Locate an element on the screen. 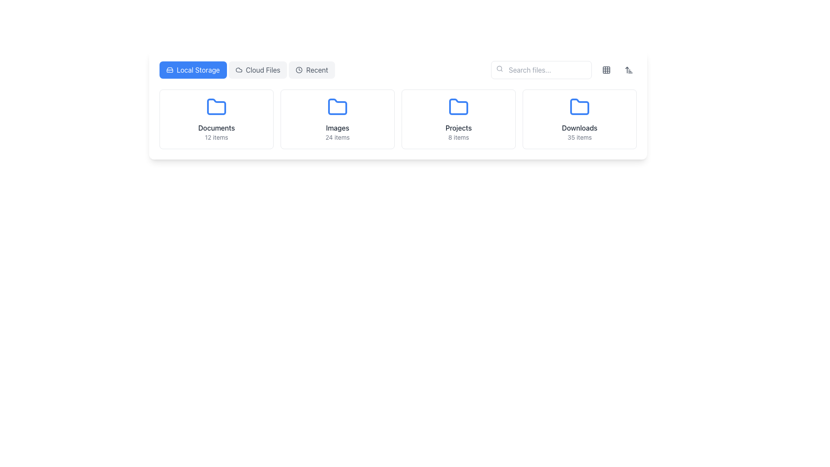  the grid view toggle icon, which is a gray icon resembling a 3x3 grid, located in the top-right corner of the interface adjacent to the search bar is located at coordinates (606, 70).